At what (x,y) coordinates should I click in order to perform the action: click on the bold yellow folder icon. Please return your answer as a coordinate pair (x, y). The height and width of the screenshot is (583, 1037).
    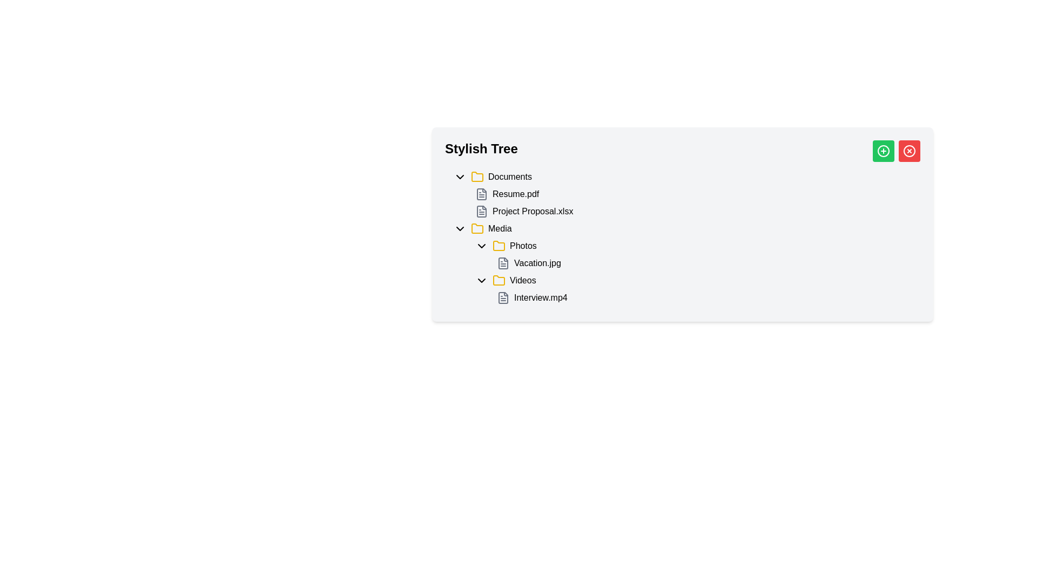
    Looking at the image, I should click on (476, 176).